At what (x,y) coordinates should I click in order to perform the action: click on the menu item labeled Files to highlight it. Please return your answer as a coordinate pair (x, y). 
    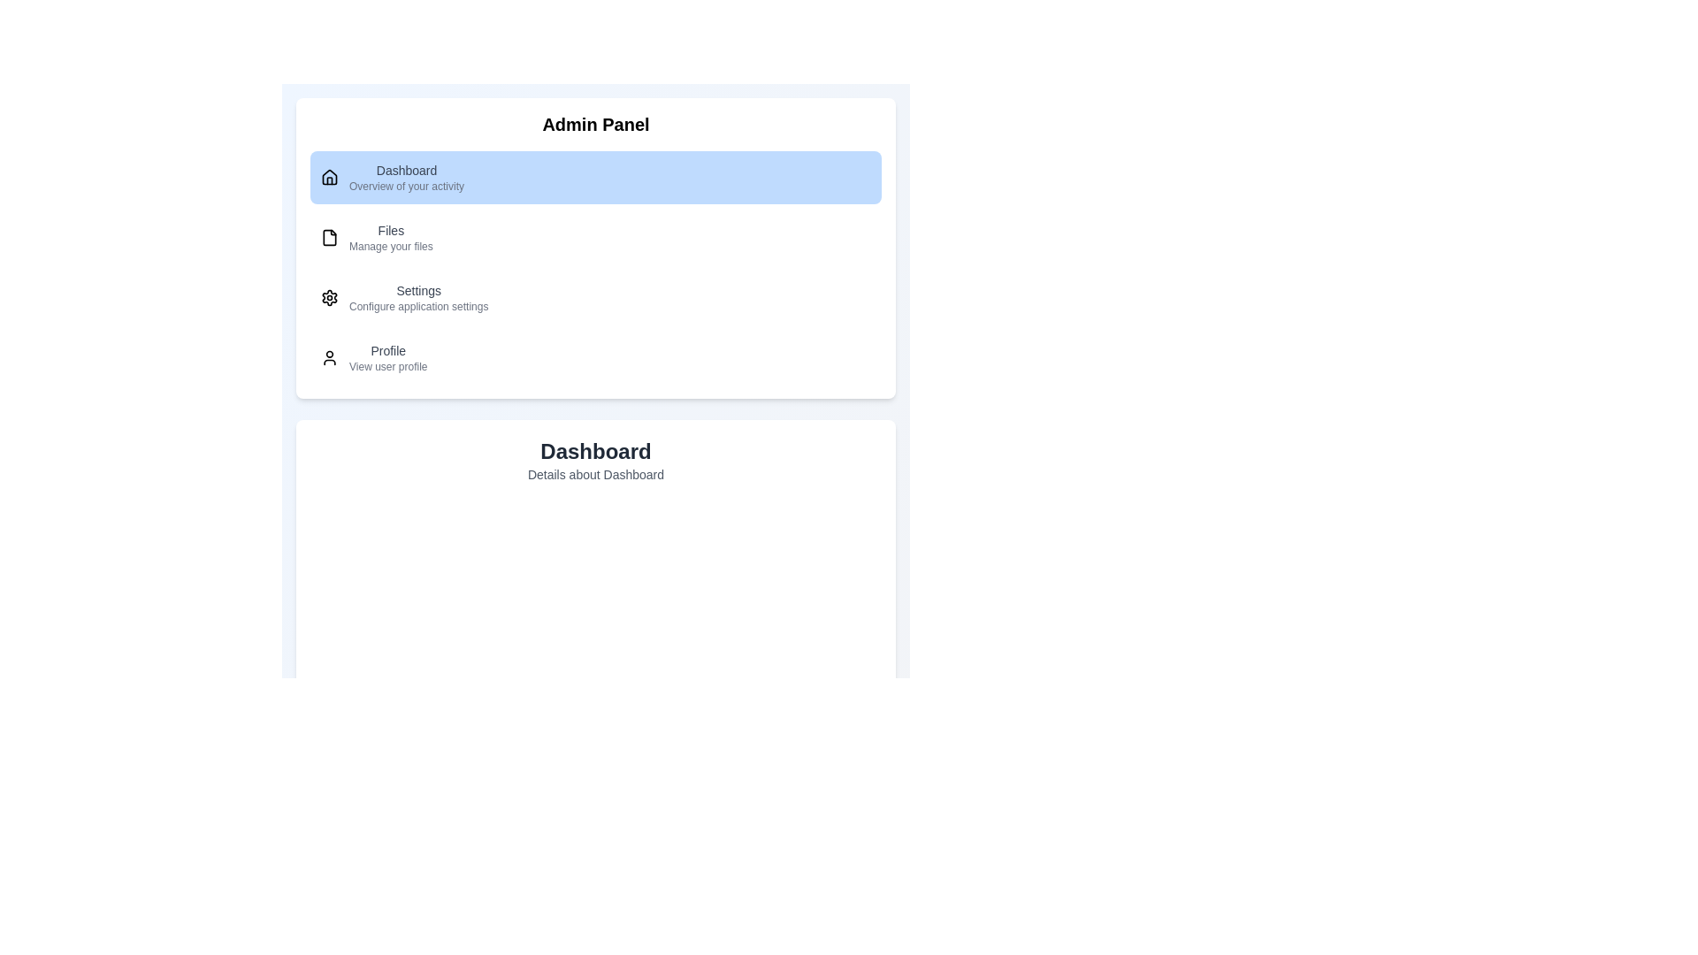
    Looking at the image, I should click on (595, 237).